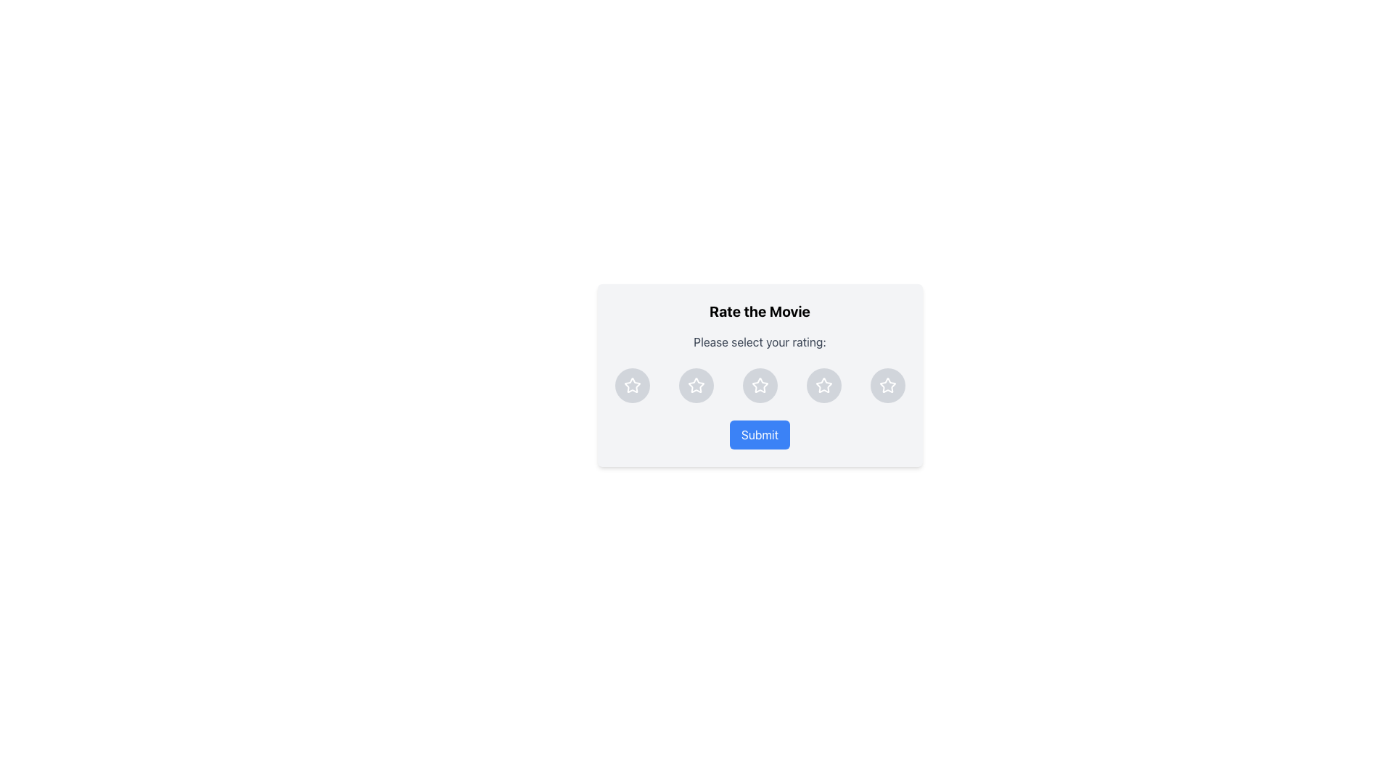 This screenshot has height=783, width=1393. What do you see at coordinates (695, 384) in the screenshot?
I see `the third star-shaped icon in the rating modal` at bounding box center [695, 384].